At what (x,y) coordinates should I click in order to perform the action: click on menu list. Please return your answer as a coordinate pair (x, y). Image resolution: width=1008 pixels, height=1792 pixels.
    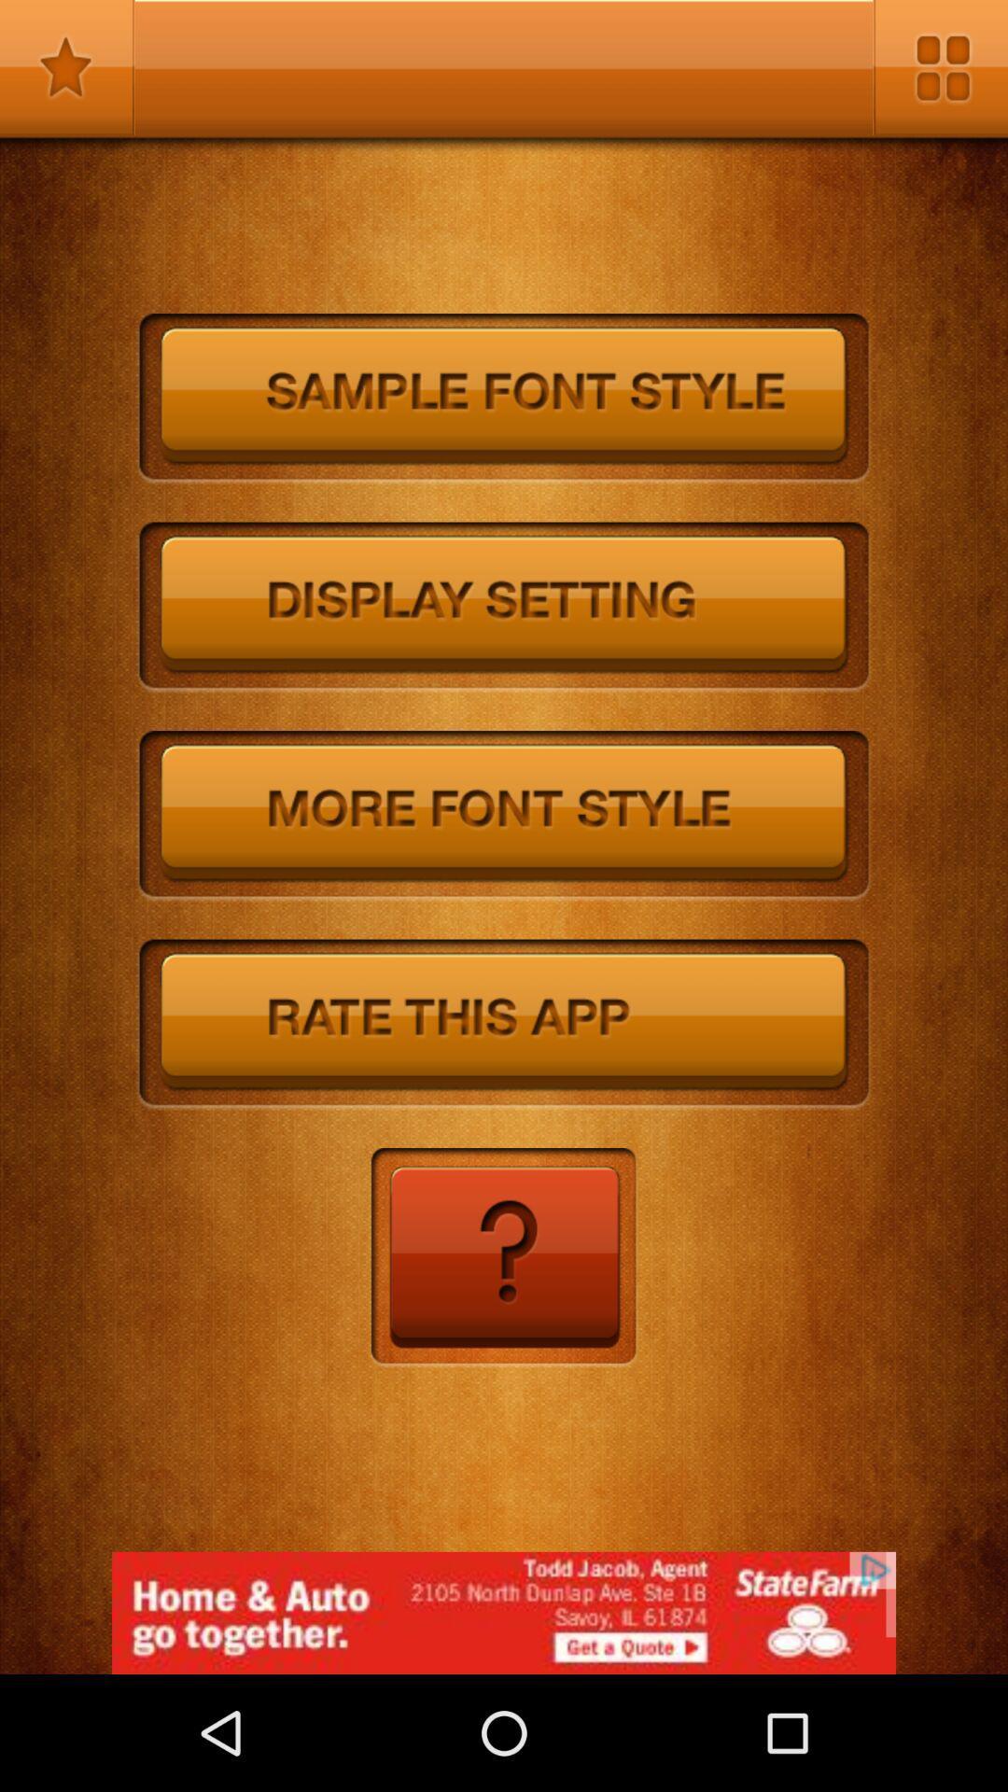
    Looking at the image, I should click on (940, 67).